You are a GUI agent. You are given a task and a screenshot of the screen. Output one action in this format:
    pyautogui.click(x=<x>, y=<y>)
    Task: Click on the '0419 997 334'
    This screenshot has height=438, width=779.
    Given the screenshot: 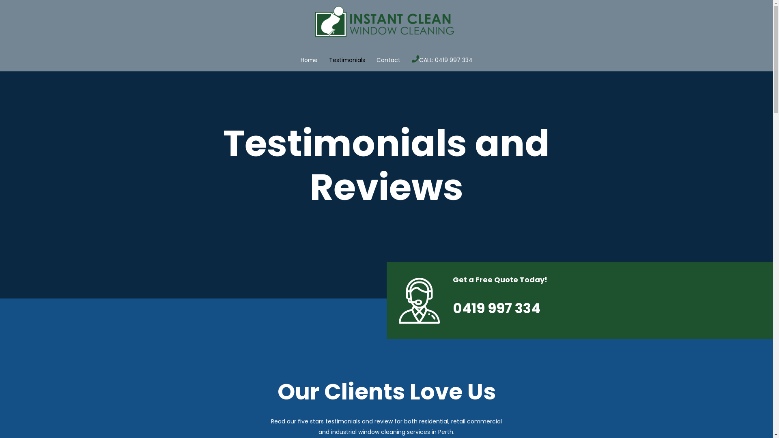 What is the action you would take?
    pyautogui.click(x=496, y=308)
    